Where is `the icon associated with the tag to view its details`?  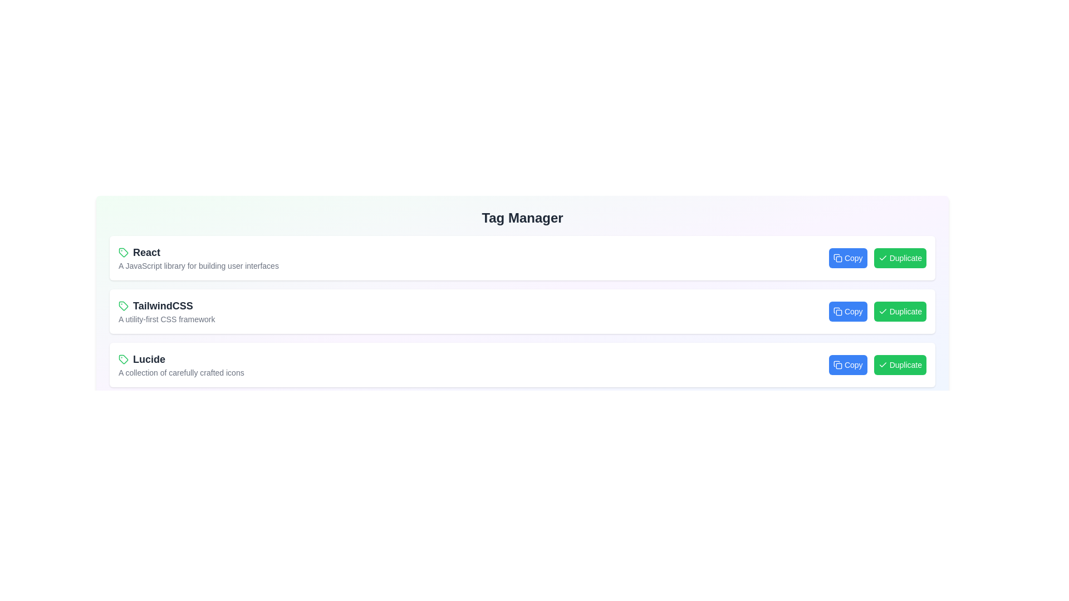
the icon associated with the tag to view its details is located at coordinates (123, 253).